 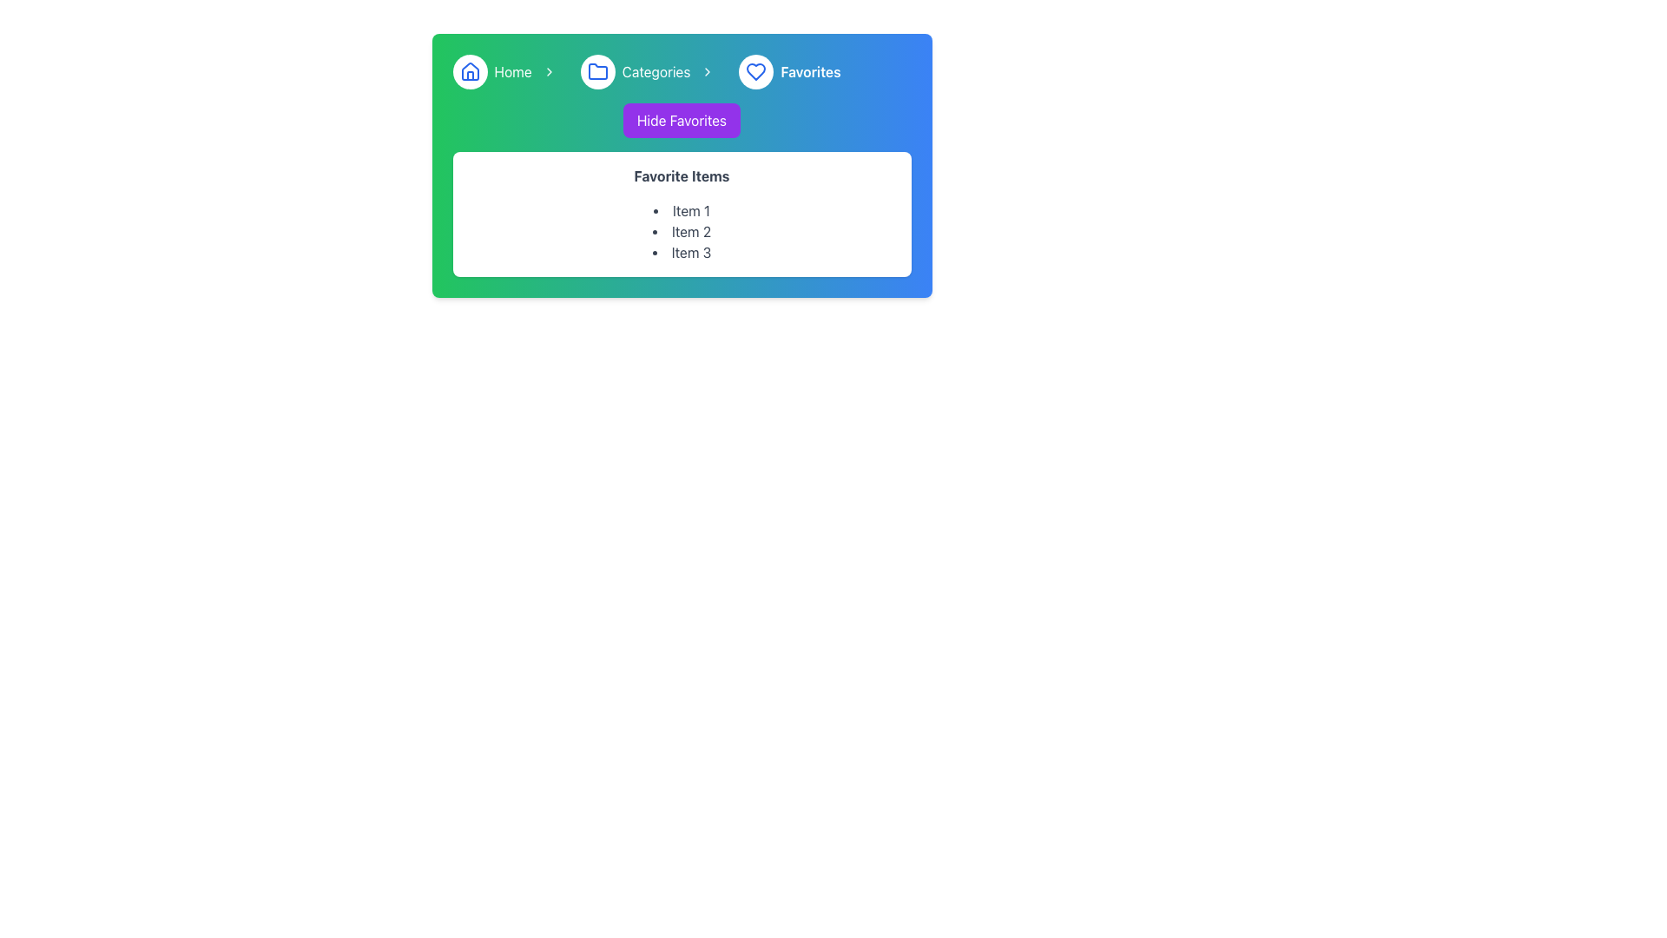 What do you see at coordinates (708, 71) in the screenshot?
I see `the fifth icon in the breadcrumb bar, which indicates navigation options to the right of the 'Categories' text` at bounding box center [708, 71].